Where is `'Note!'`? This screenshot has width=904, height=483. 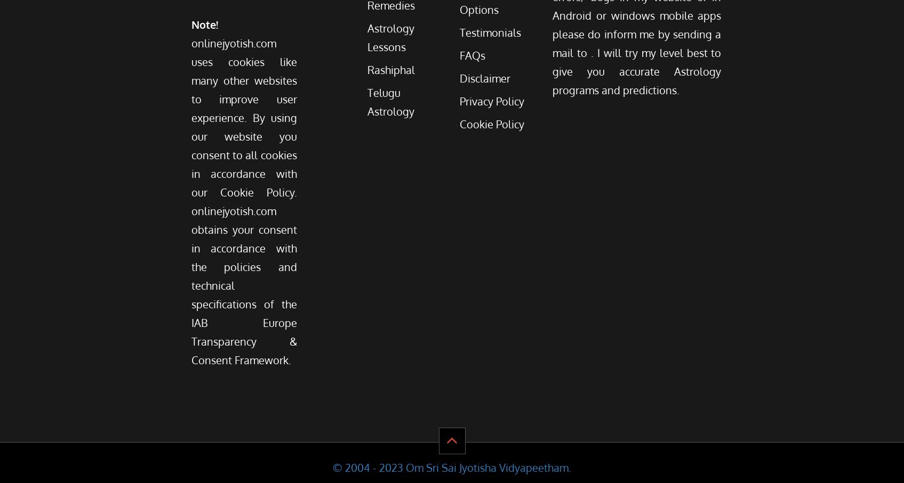 'Note!' is located at coordinates (204, 23).